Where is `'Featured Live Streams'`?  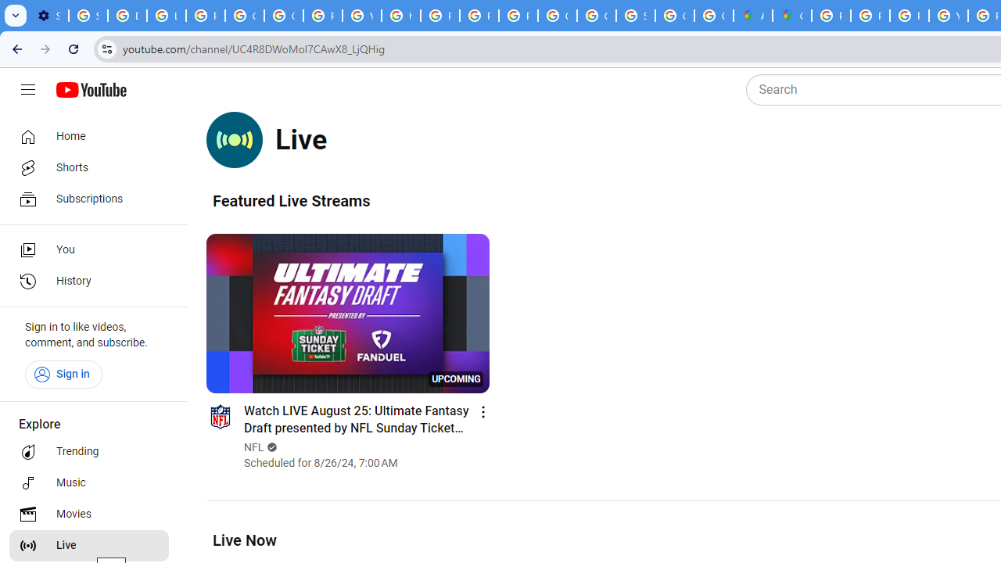 'Featured Live Streams' is located at coordinates (291, 200).